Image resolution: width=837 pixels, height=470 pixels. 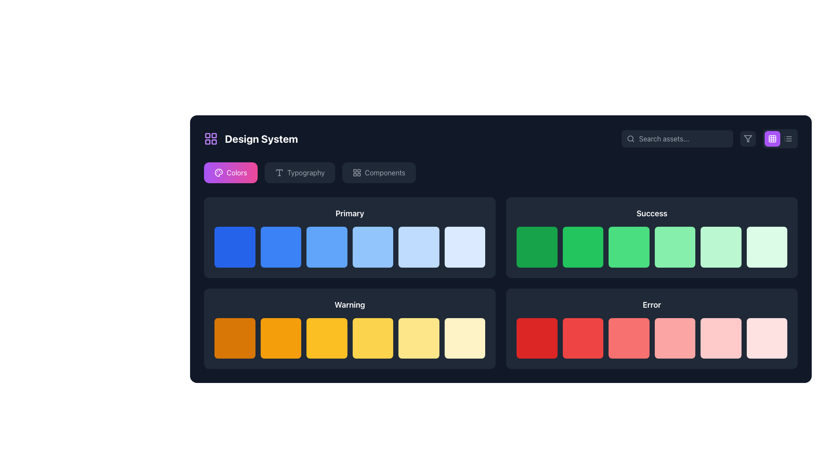 I want to click on the decorative square box located within the 'Success' section, so click(x=630, y=248).